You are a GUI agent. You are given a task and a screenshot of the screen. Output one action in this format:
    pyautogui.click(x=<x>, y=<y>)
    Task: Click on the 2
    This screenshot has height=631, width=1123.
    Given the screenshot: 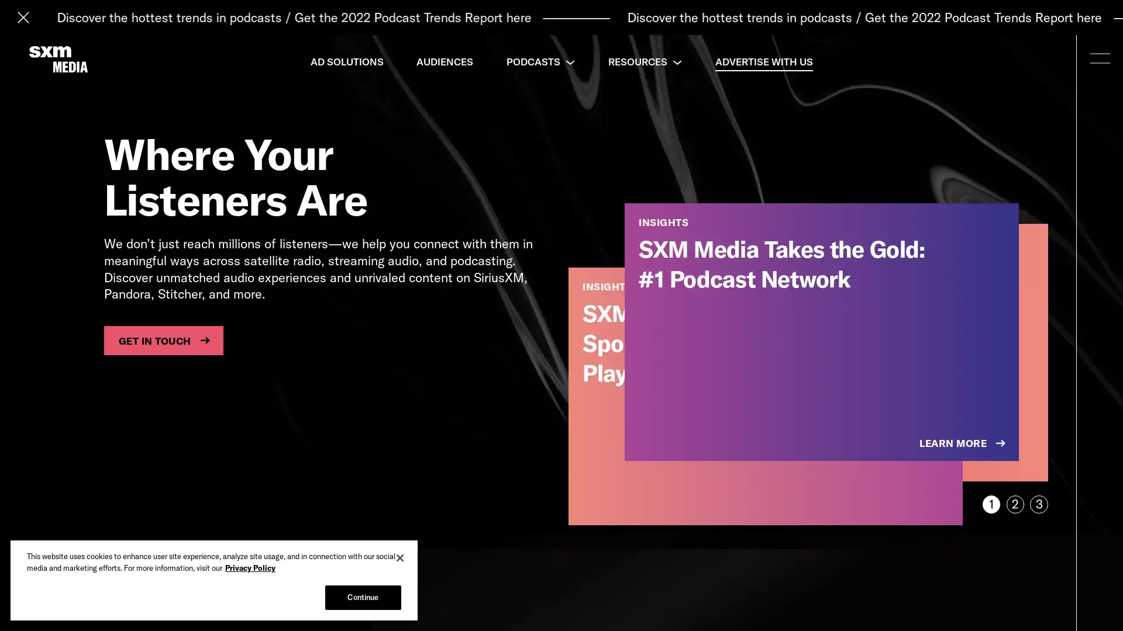 What is the action you would take?
    pyautogui.click(x=1014, y=504)
    